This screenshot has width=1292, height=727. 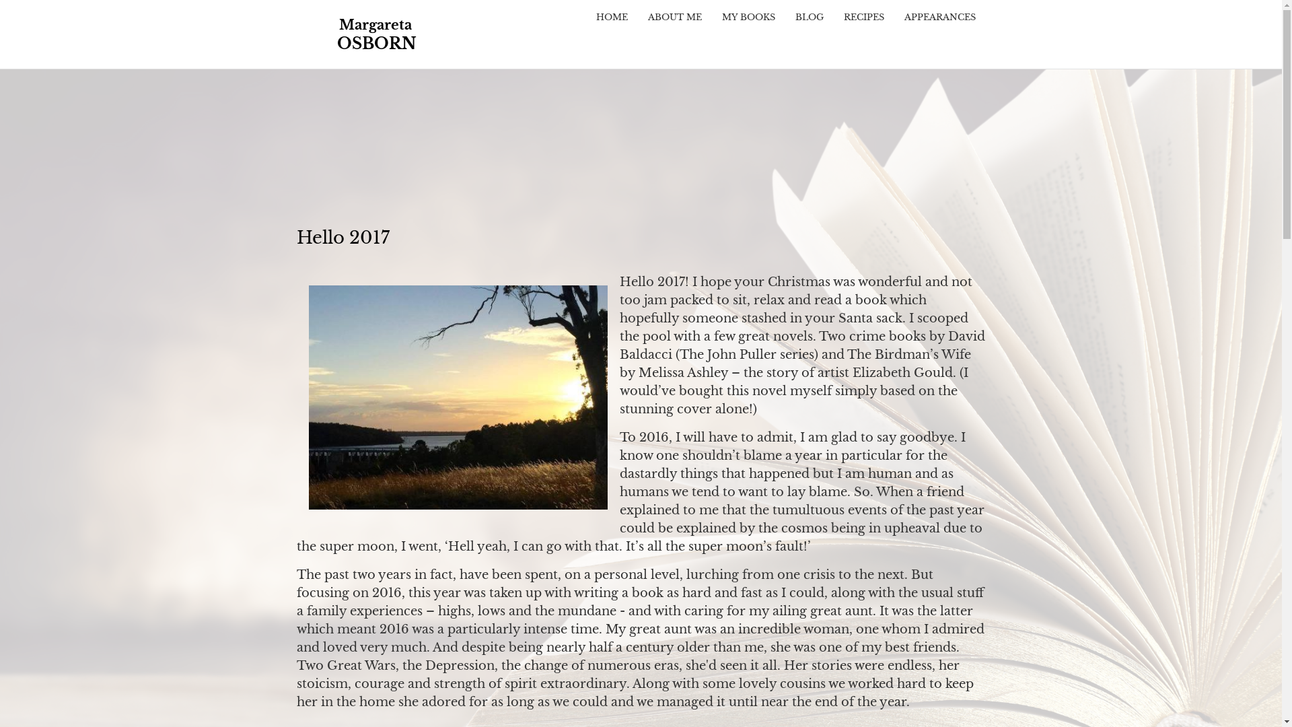 I want to click on 'Home', so click(x=375, y=33).